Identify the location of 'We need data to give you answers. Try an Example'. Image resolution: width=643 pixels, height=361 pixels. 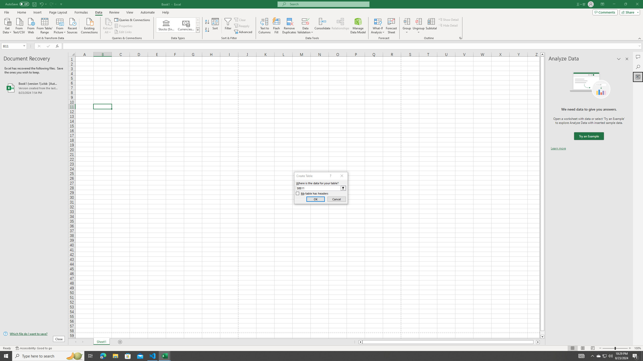
(588, 136).